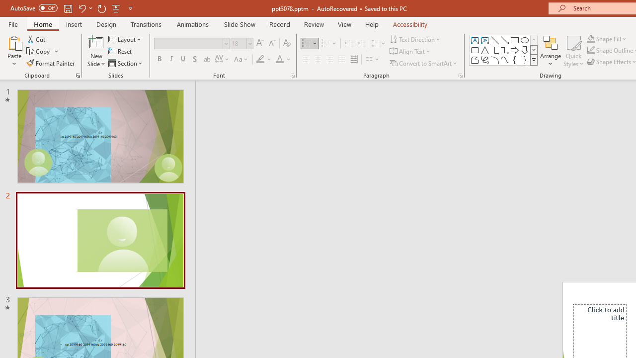 The height and width of the screenshot is (358, 636). Describe the element at coordinates (475, 50) in the screenshot. I see `'Rectangle: Rounded Corners'` at that location.